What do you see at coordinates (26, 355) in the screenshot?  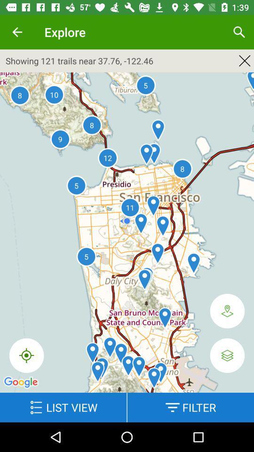 I see `the location_crosshair icon` at bounding box center [26, 355].